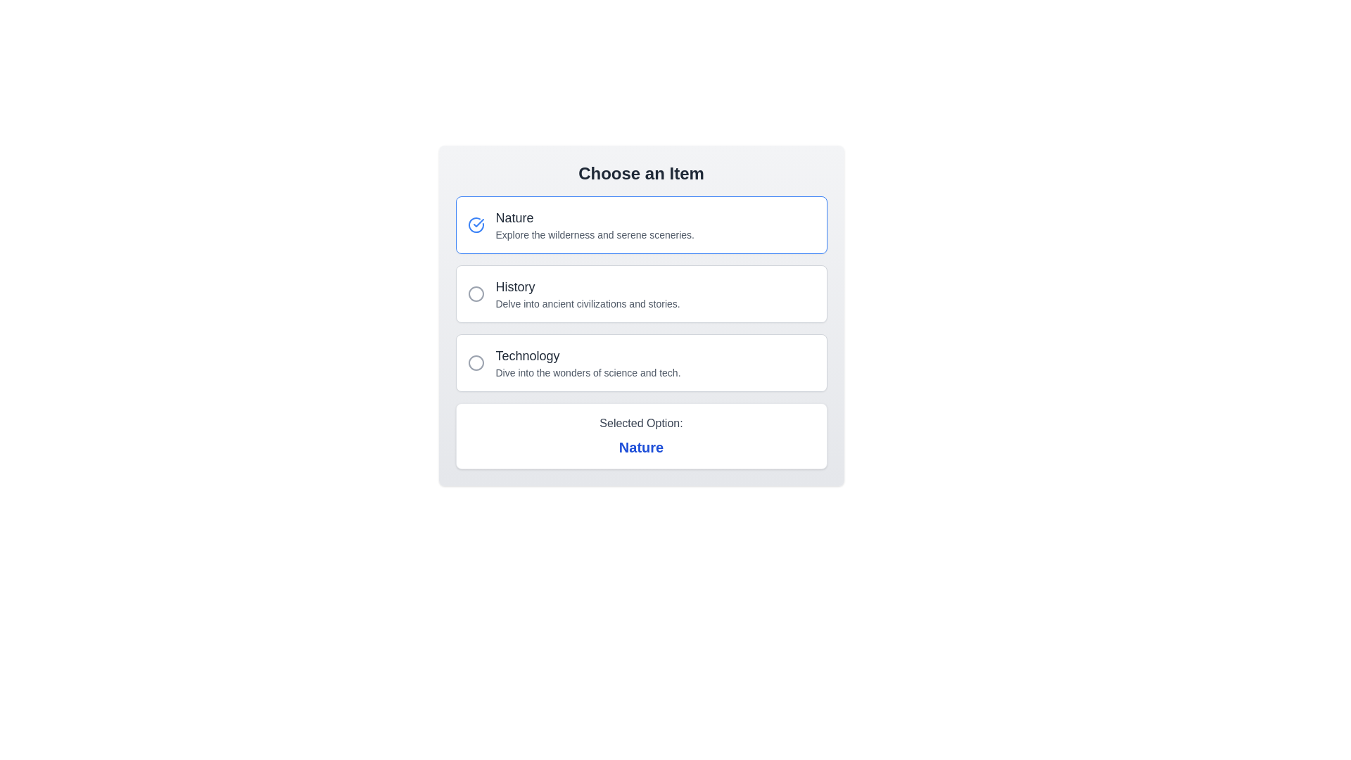 The width and height of the screenshot is (1351, 760). What do you see at coordinates (476, 362) in the screenshot?
I see `the Circle icon associated with the 'Technology' option under 'Choose an Item'` at bounding box center [476, 362].